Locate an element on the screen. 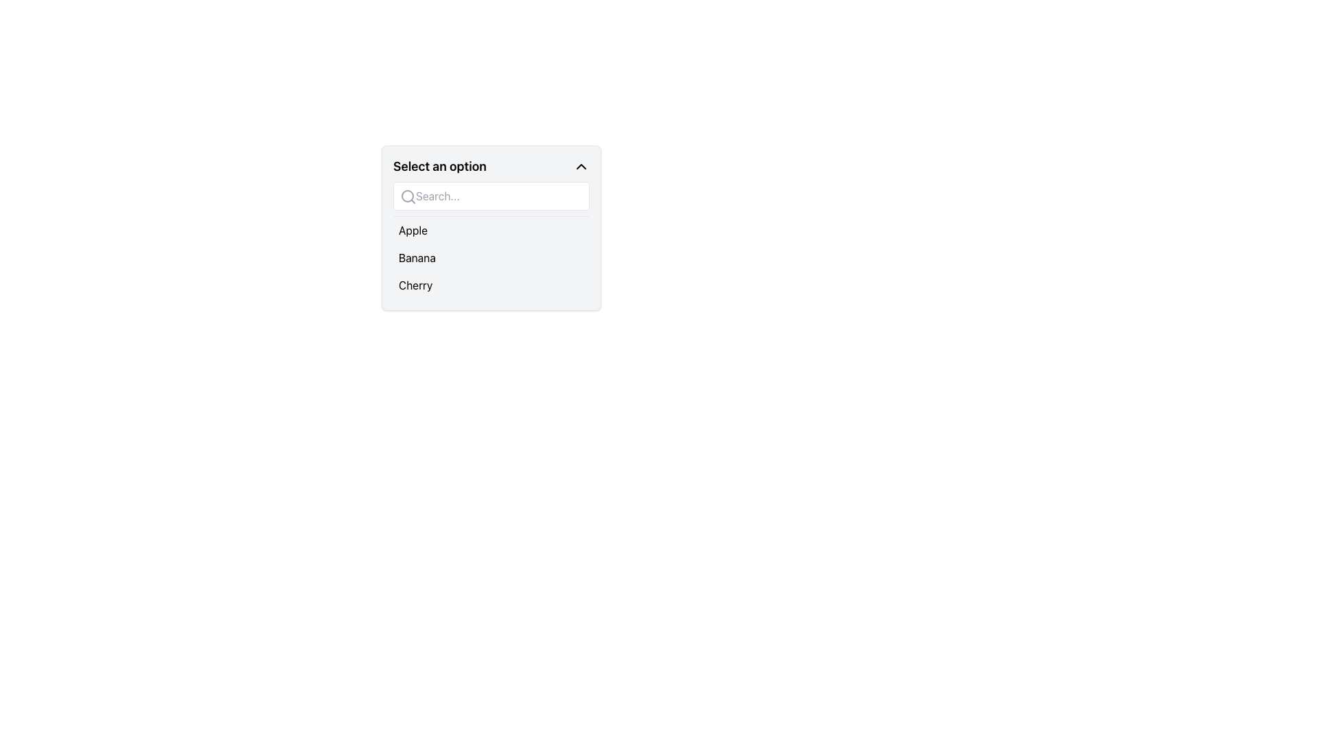 The height and width of the screenshot is (741, 1318). the upward-pointing chevron icon, which is located at the far right of the dropdown header is located at coordinates (581, 166).